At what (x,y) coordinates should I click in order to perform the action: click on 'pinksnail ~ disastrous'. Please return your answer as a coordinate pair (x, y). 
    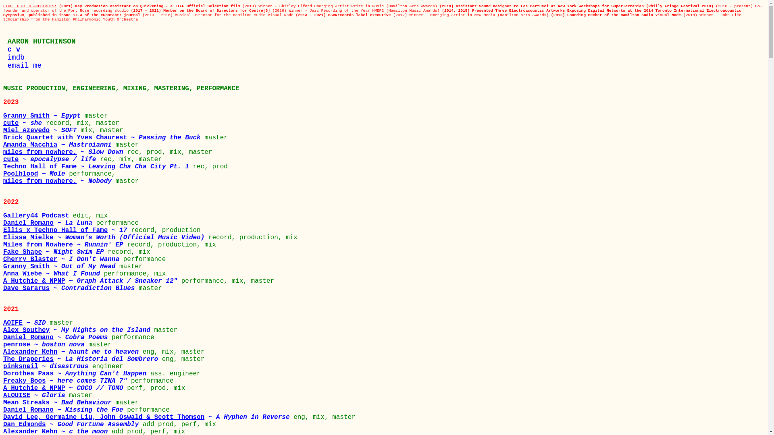
    Looking at the image, I should click on (47, 367).